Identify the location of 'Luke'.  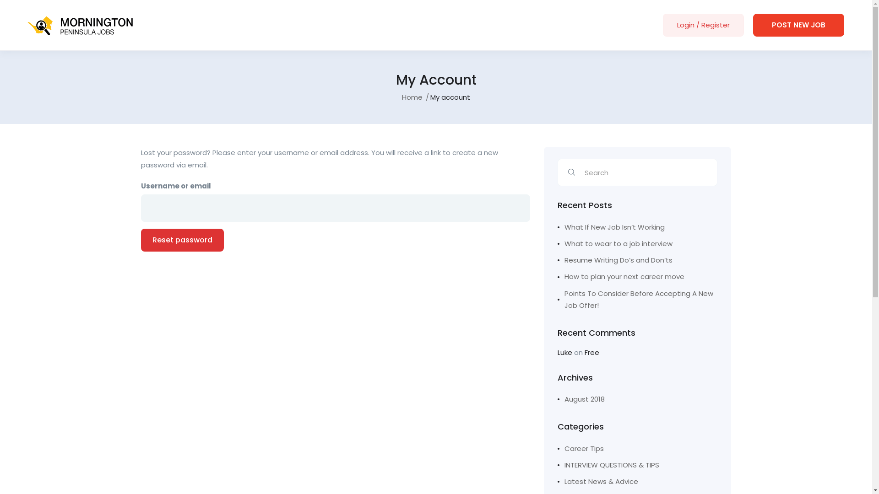
(564, 352).